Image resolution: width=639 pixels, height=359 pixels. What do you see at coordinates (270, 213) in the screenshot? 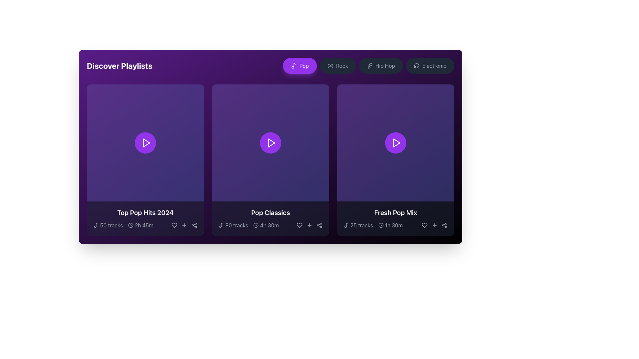
I see `the 'Pop Classics' text label, which is prominently displayed in a large, bold, white font, positioned within a dark background card, slightly above the bottom edge of the card` at bounding box center [270, 213].